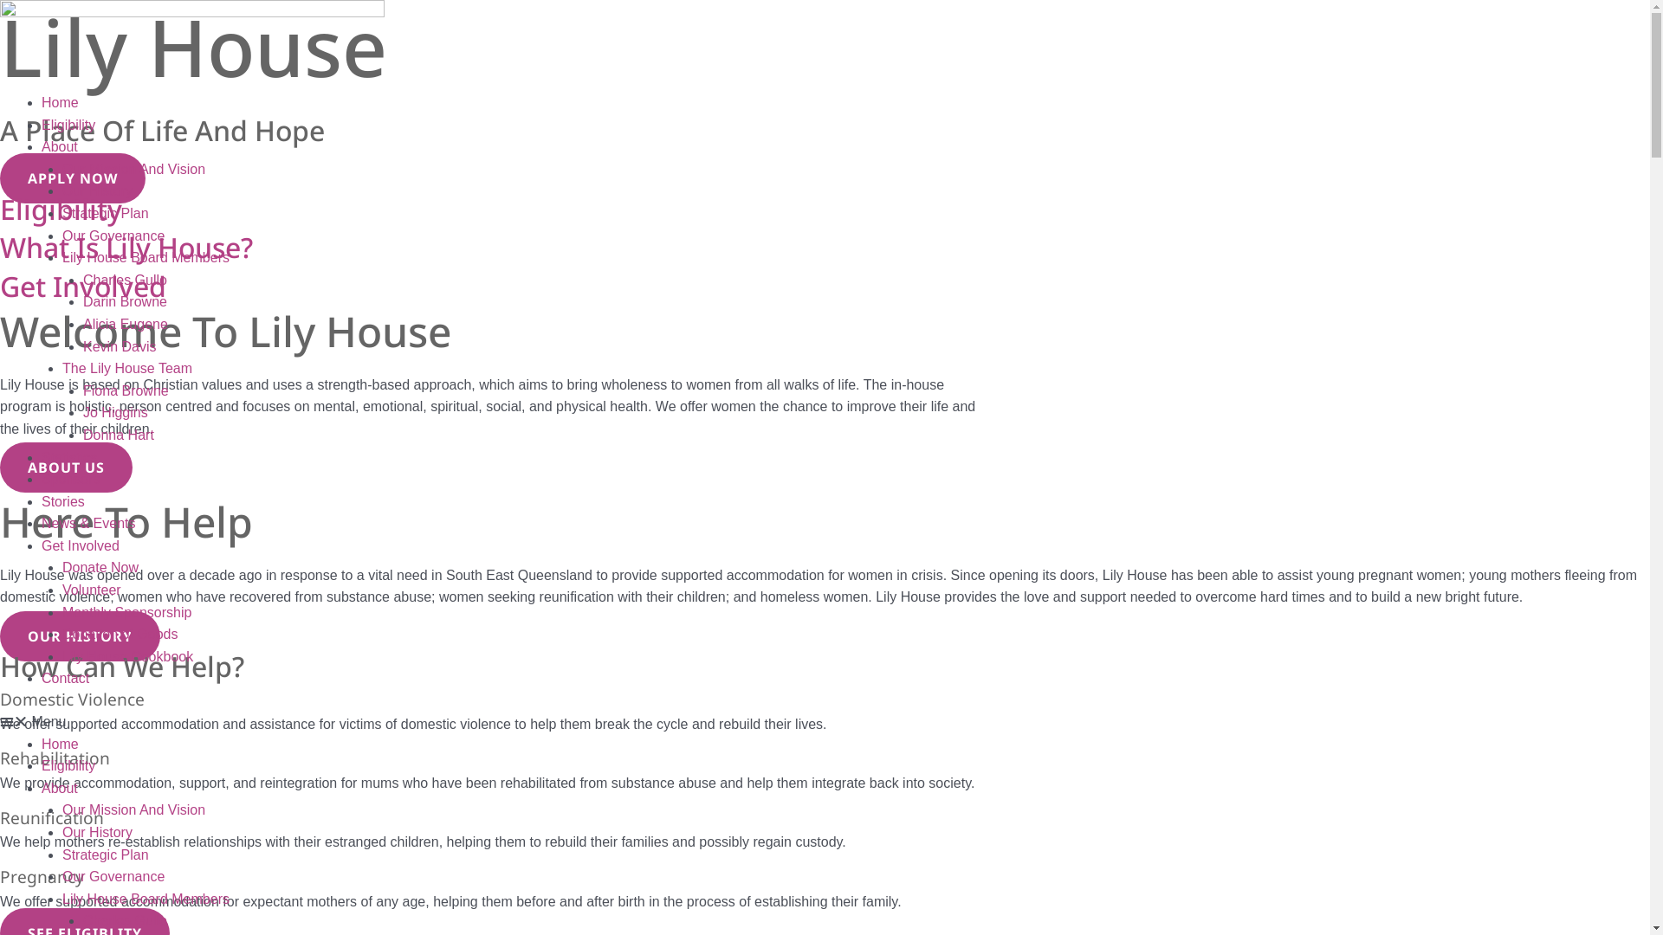 The image size is (1663, 935). What do you see at coordinates (133, 169) in the screenshot?
I see `'Our Mission And Vision'` at bounding box center [133, 169].